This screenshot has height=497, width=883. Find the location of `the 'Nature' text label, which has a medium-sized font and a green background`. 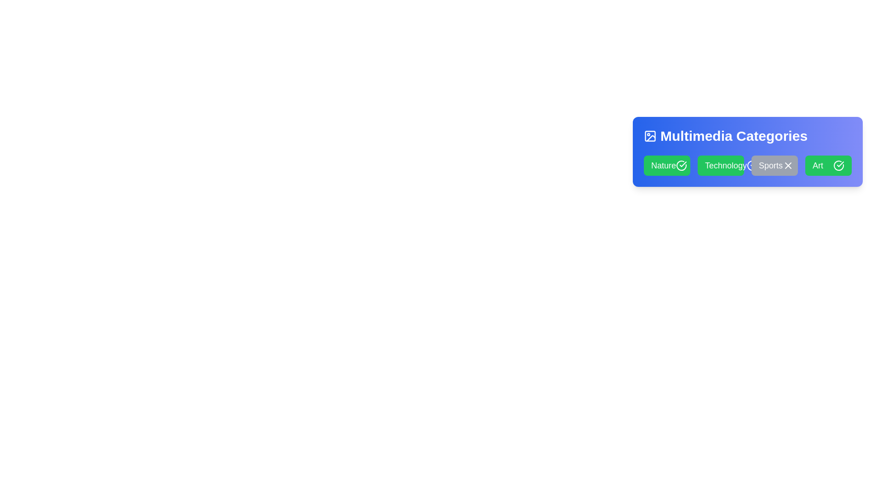

the 'Nature' text label, which has a medium-sized font and a green background is located at coordinates (664, 165).